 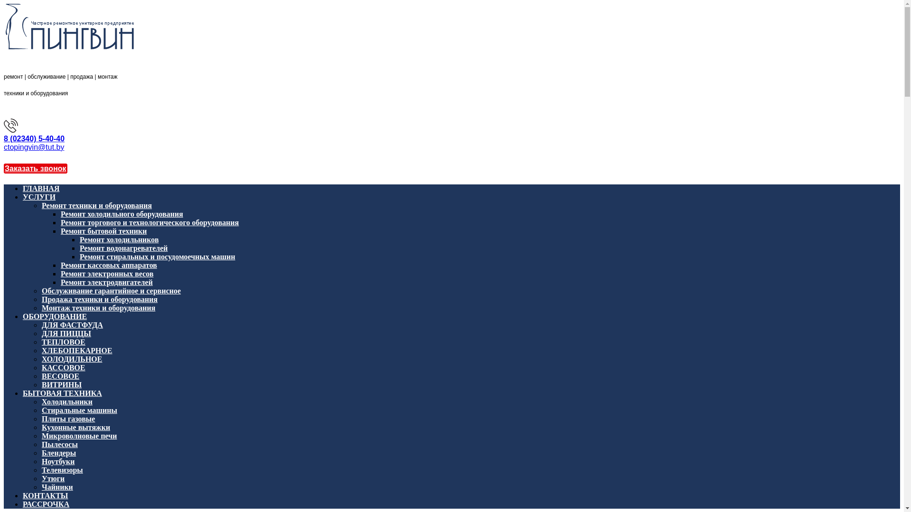 I want to click on '8 (02340) 5-40-40', so click(x=34, y=138).